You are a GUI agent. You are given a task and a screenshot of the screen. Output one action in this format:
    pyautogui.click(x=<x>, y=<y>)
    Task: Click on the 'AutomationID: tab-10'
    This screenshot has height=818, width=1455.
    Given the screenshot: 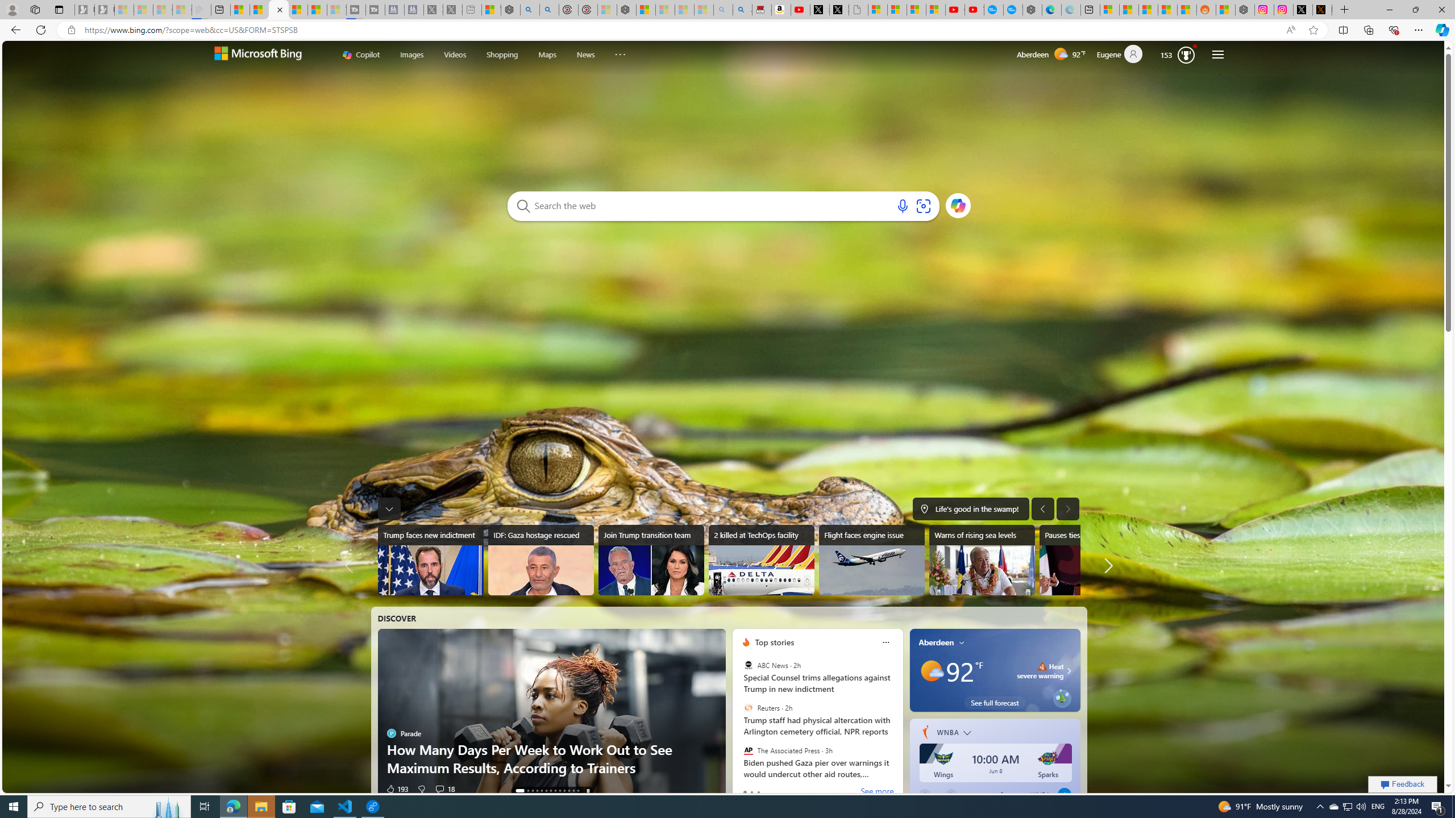 What is the action you would take?
    pyautogui.click(x=568, y=790)
    